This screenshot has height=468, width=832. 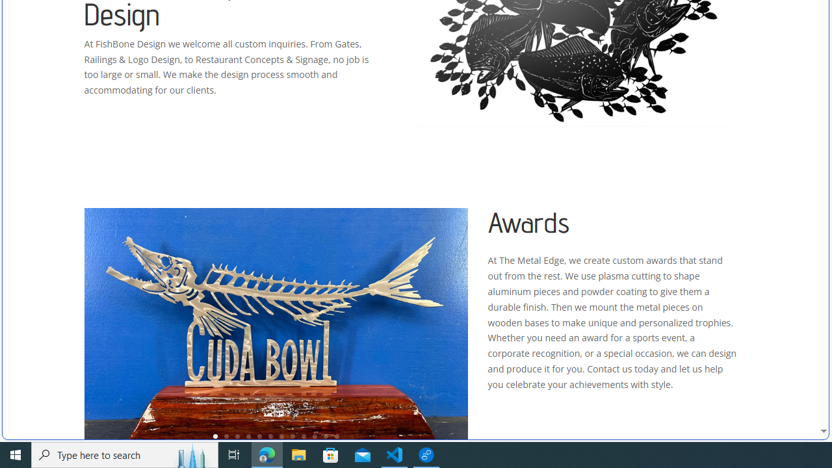 What do you see at coordinates (248, 436) in the screenshot?
I see `'4'` at bounding box center [248, 436].